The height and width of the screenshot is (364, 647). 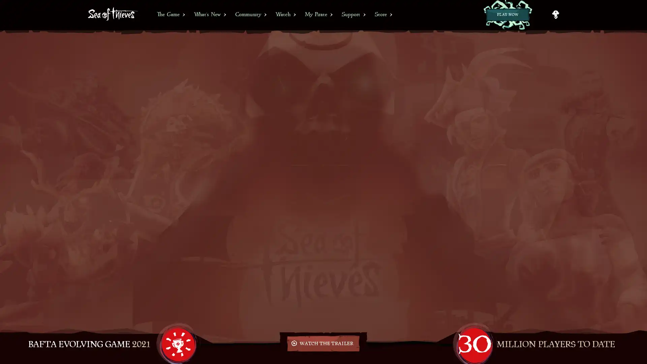 I want to click on Play Watch the trailer video, so click(x=323, y=343).